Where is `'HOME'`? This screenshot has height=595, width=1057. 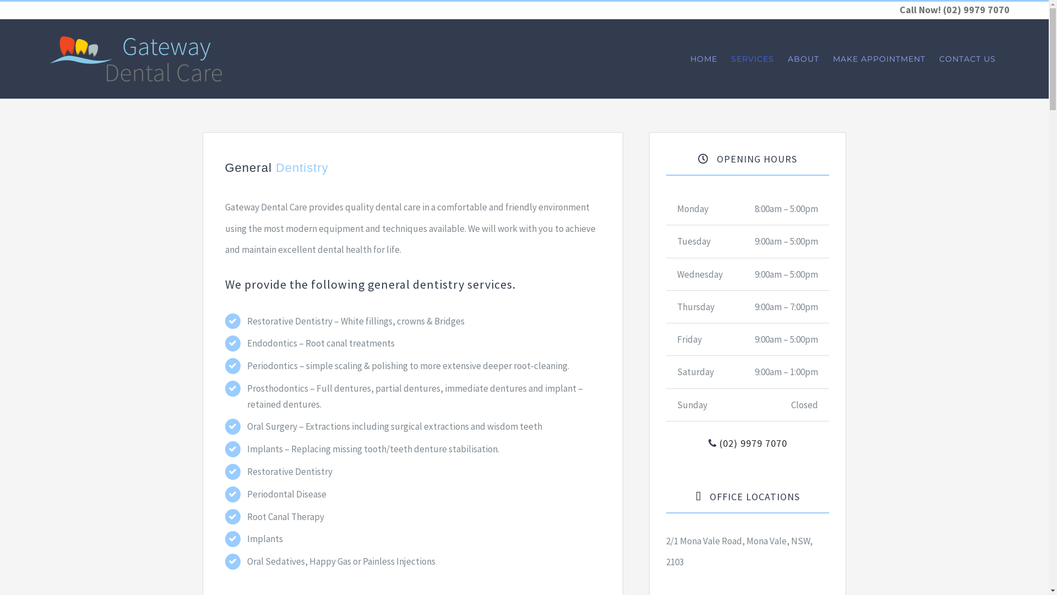 'HOME' is located at coordinates (703, 59).